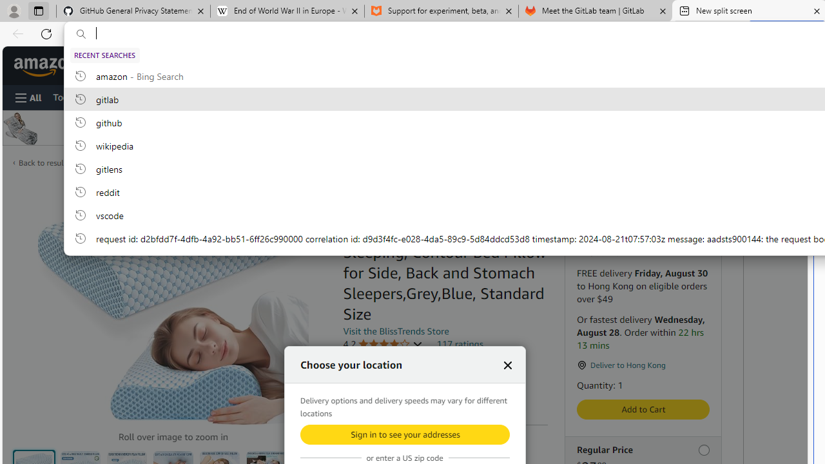 This screenshot has width=825, height=464. I want to click on 'Meet the GitLab team | GitLab', so click(595, 11).